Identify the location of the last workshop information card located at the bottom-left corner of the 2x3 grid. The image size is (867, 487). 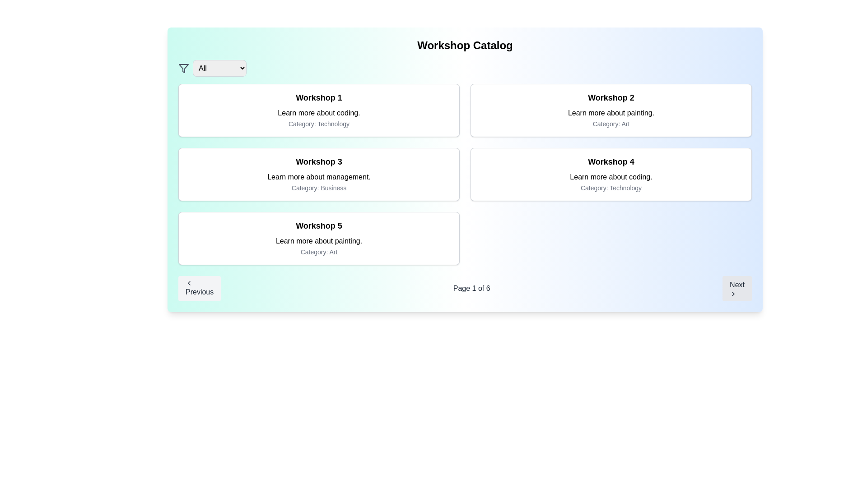
(319, 238).